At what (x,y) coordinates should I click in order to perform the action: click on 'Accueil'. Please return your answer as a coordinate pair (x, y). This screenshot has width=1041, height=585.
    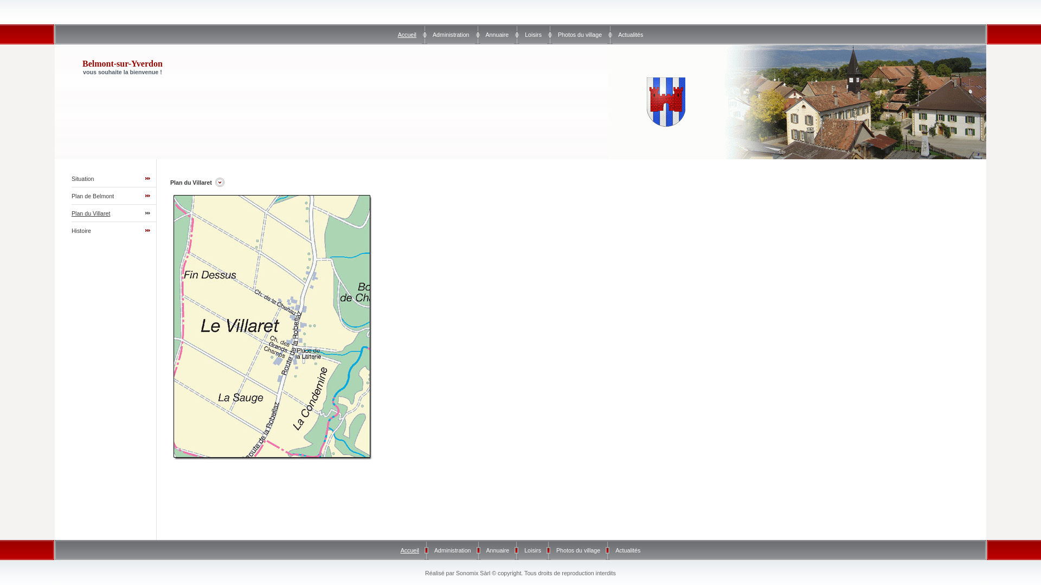
    Looking at the image, I should click on (406, 34).